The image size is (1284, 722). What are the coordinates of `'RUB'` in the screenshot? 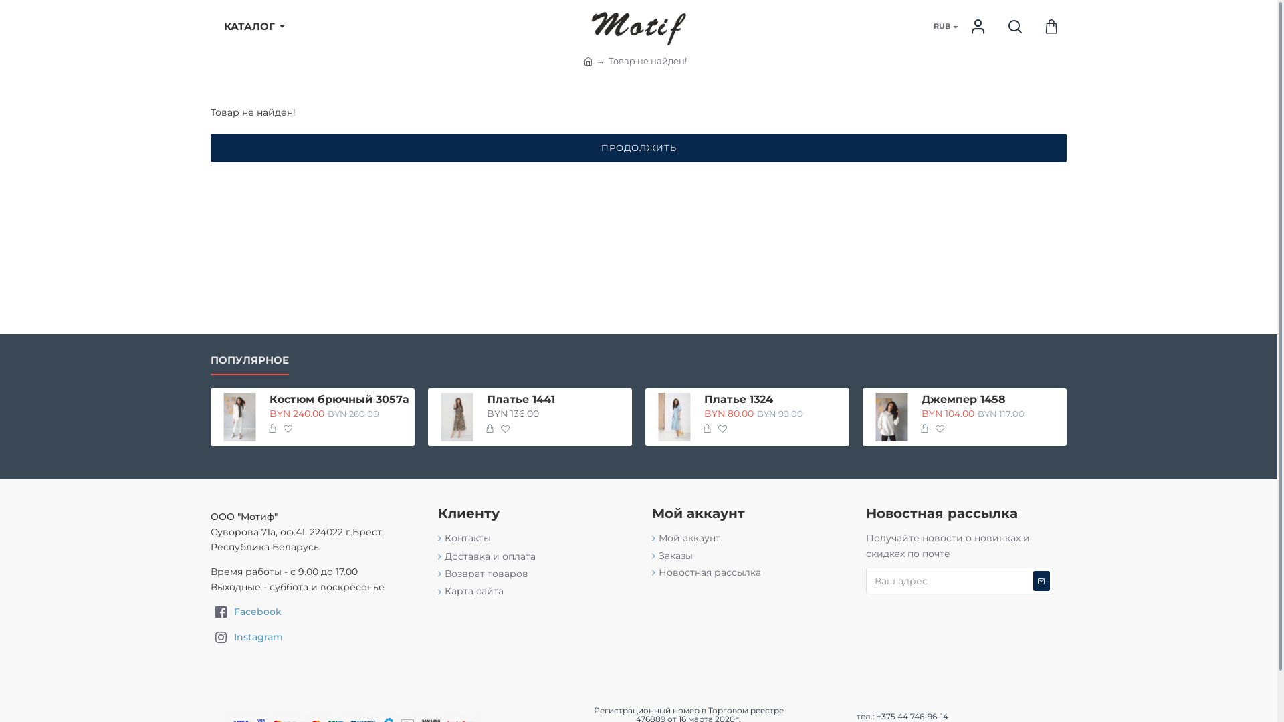 It's located at (940, 26).